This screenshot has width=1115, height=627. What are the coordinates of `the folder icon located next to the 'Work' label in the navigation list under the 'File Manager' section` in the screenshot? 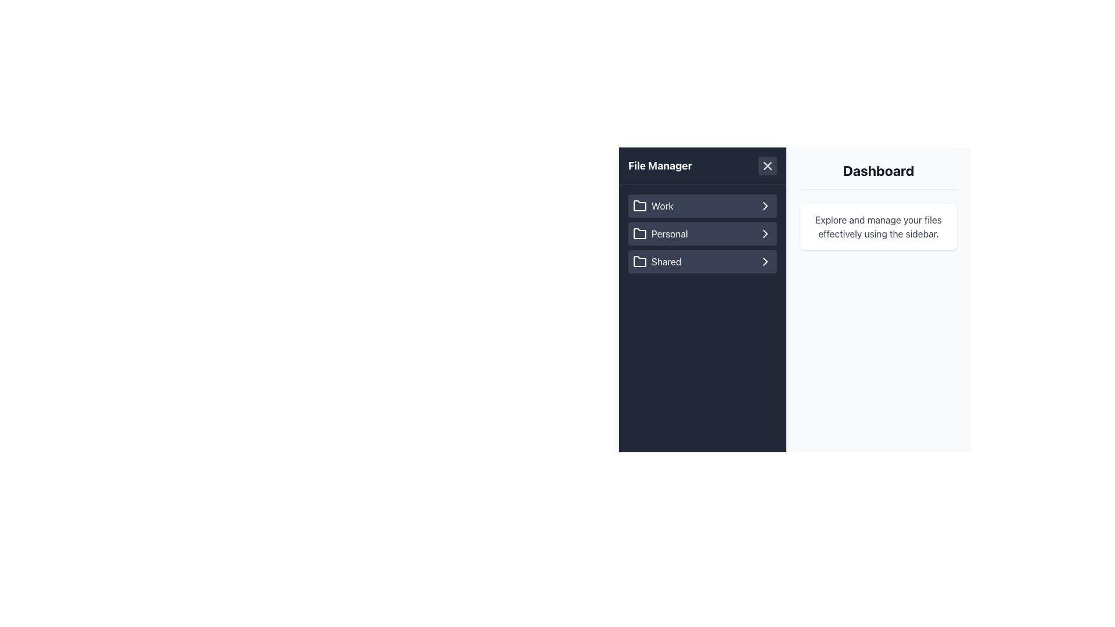 It's located at (639, 205).